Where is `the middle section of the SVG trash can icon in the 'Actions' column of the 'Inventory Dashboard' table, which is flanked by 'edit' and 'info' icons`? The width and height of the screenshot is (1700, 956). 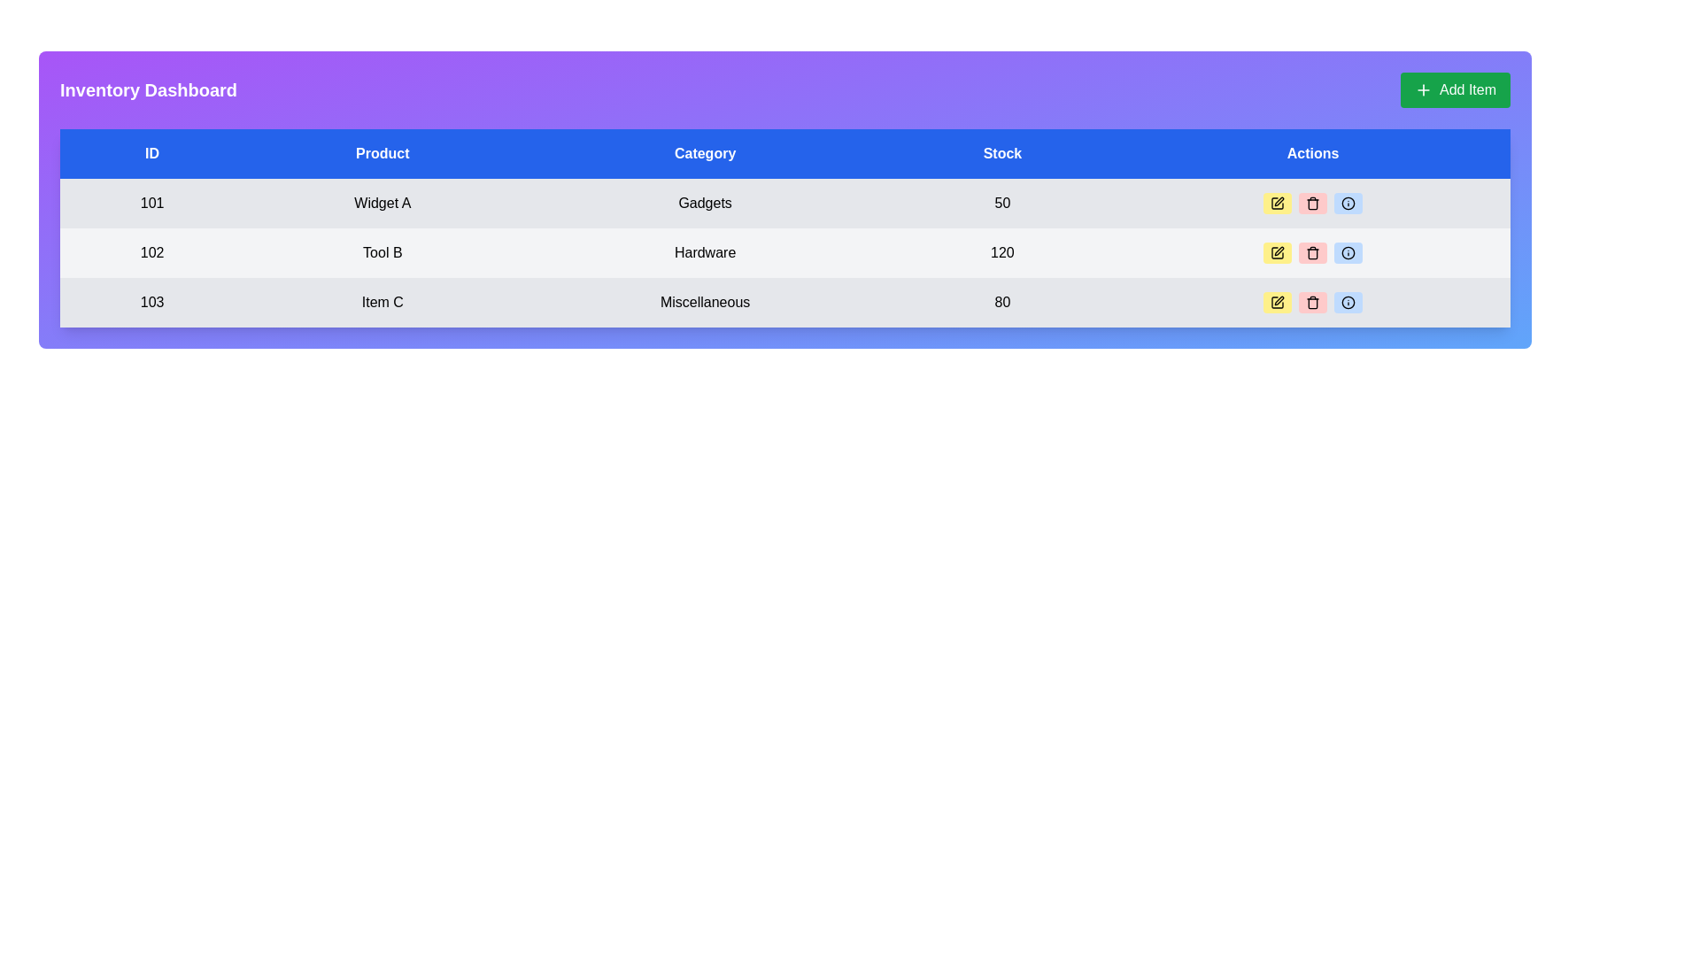
the middle section of the SVG trash can icon in the 'Actions' column of the 'Inventory Dashboard' table, which is flanked by 'edit' and 'info' icons is located at coordinates (1313, 254).